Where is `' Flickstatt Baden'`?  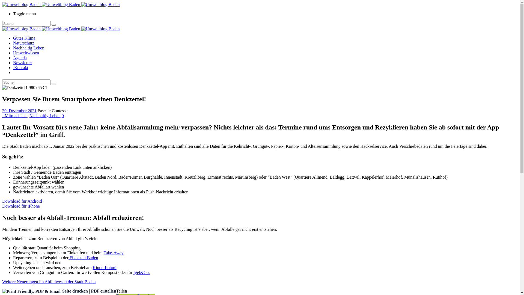
' Flickstatt Baden' is located at coordinates (83, 258).